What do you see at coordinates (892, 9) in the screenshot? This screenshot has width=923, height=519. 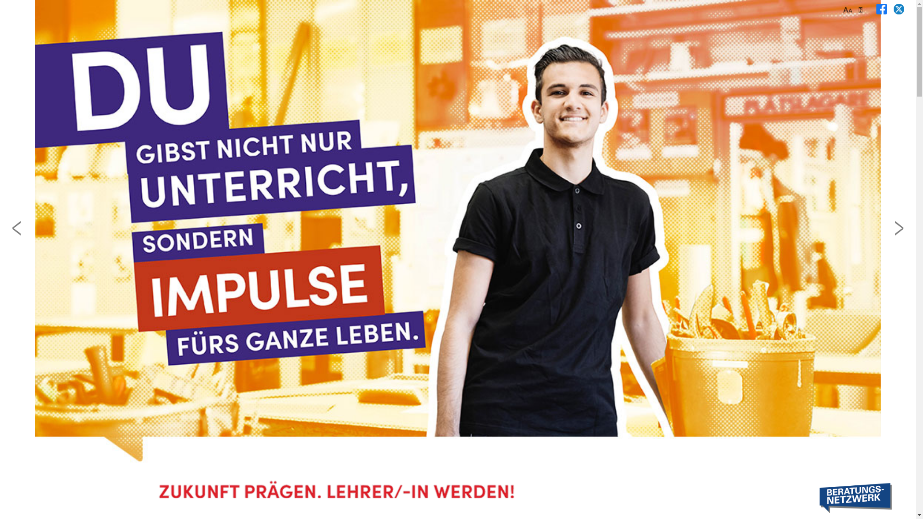 I see `'Auf sozialen Medien teilen'` at bounding box center [892, 9].